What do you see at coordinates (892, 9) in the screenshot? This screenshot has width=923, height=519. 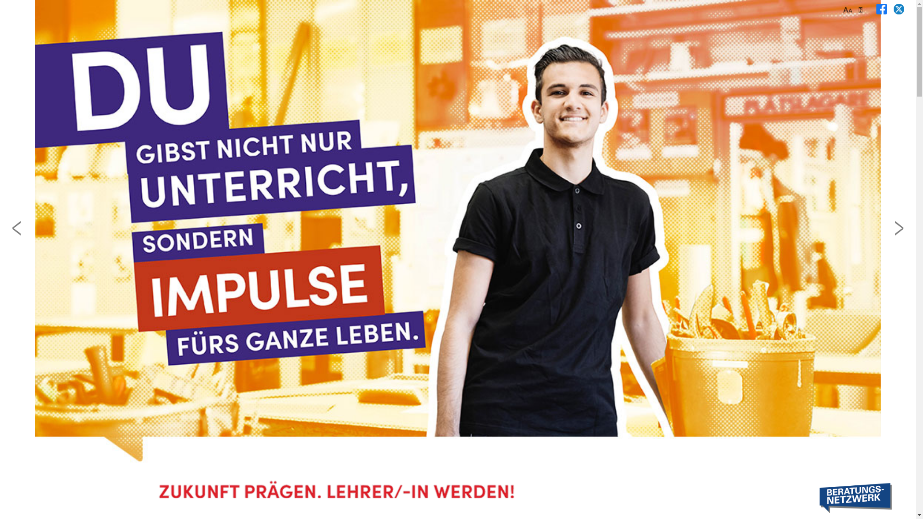 I see `'Auf sozialen Medien teilen'` at bounding box center [892, 9].